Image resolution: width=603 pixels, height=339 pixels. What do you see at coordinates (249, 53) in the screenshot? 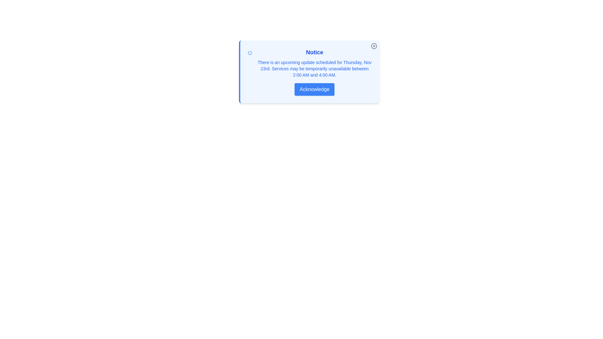
I see `the informational icon located at the top-left of the notification card, adjacent to the 'Notice' heading` at bounding box center [249, 53].